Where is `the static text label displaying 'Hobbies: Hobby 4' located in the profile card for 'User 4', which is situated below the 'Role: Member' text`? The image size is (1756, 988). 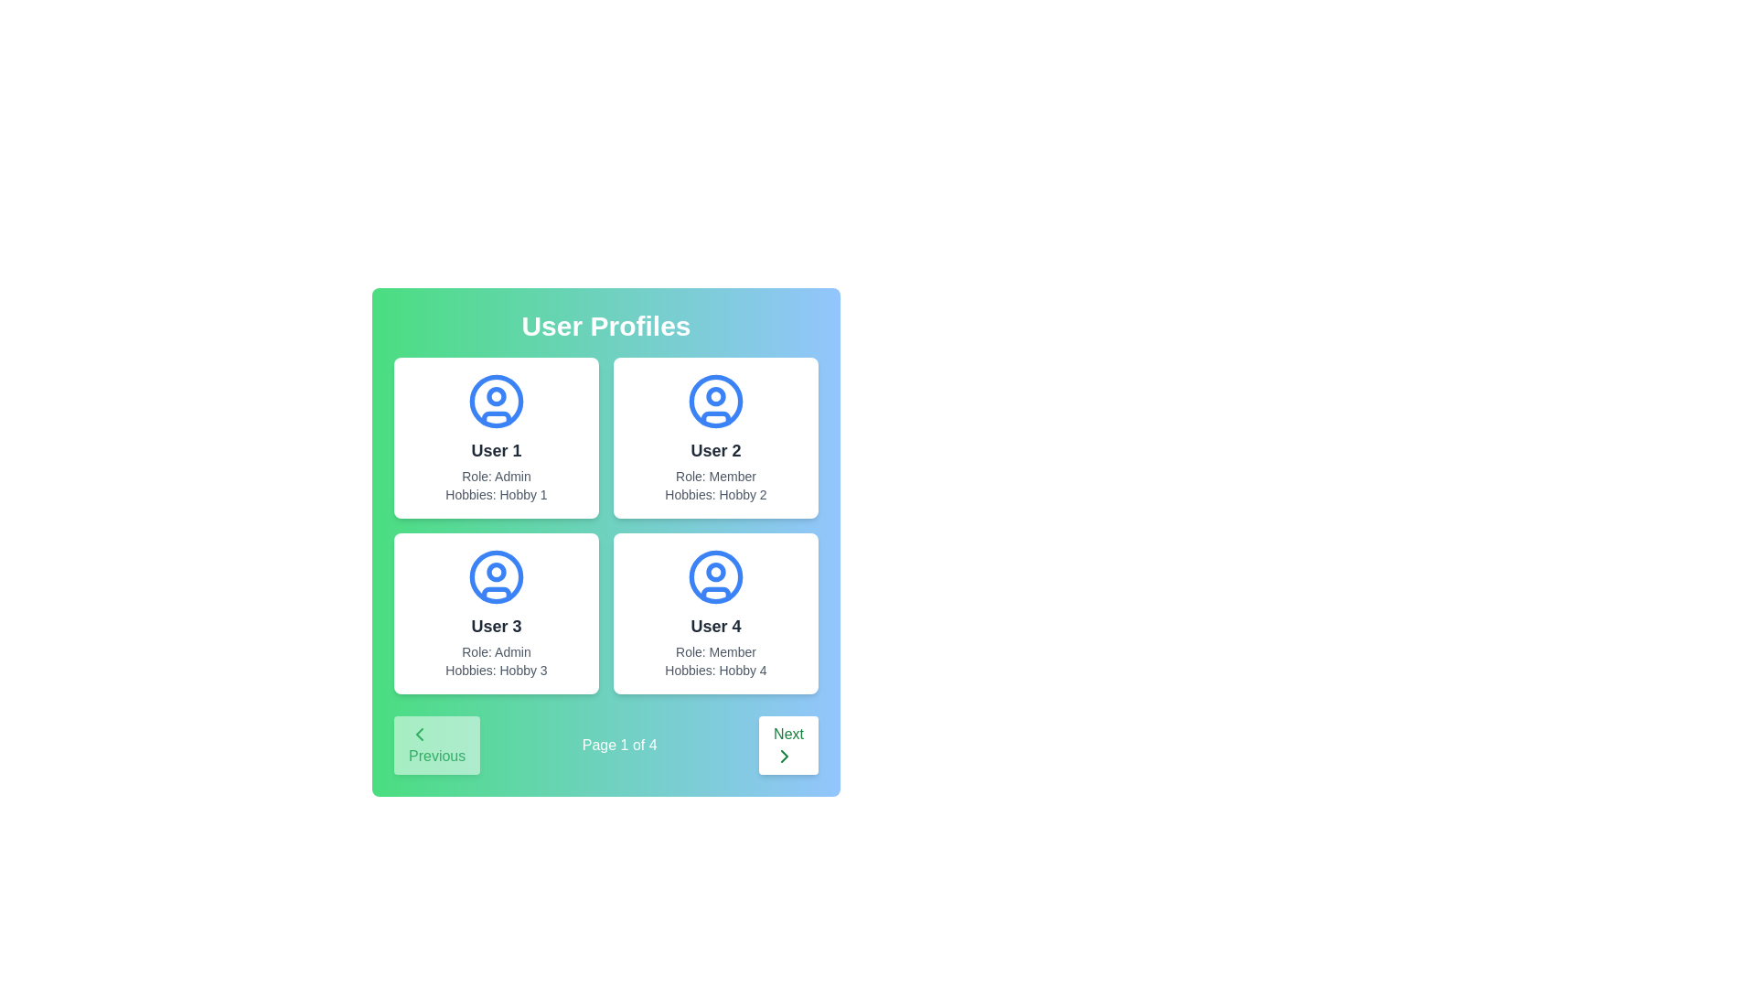
the static text label displaying 'Hobbies: Hobby 4' located in the profile card for 'User 4', which is situated below the 'Role: Member' text is located at coordinates (714, 670).